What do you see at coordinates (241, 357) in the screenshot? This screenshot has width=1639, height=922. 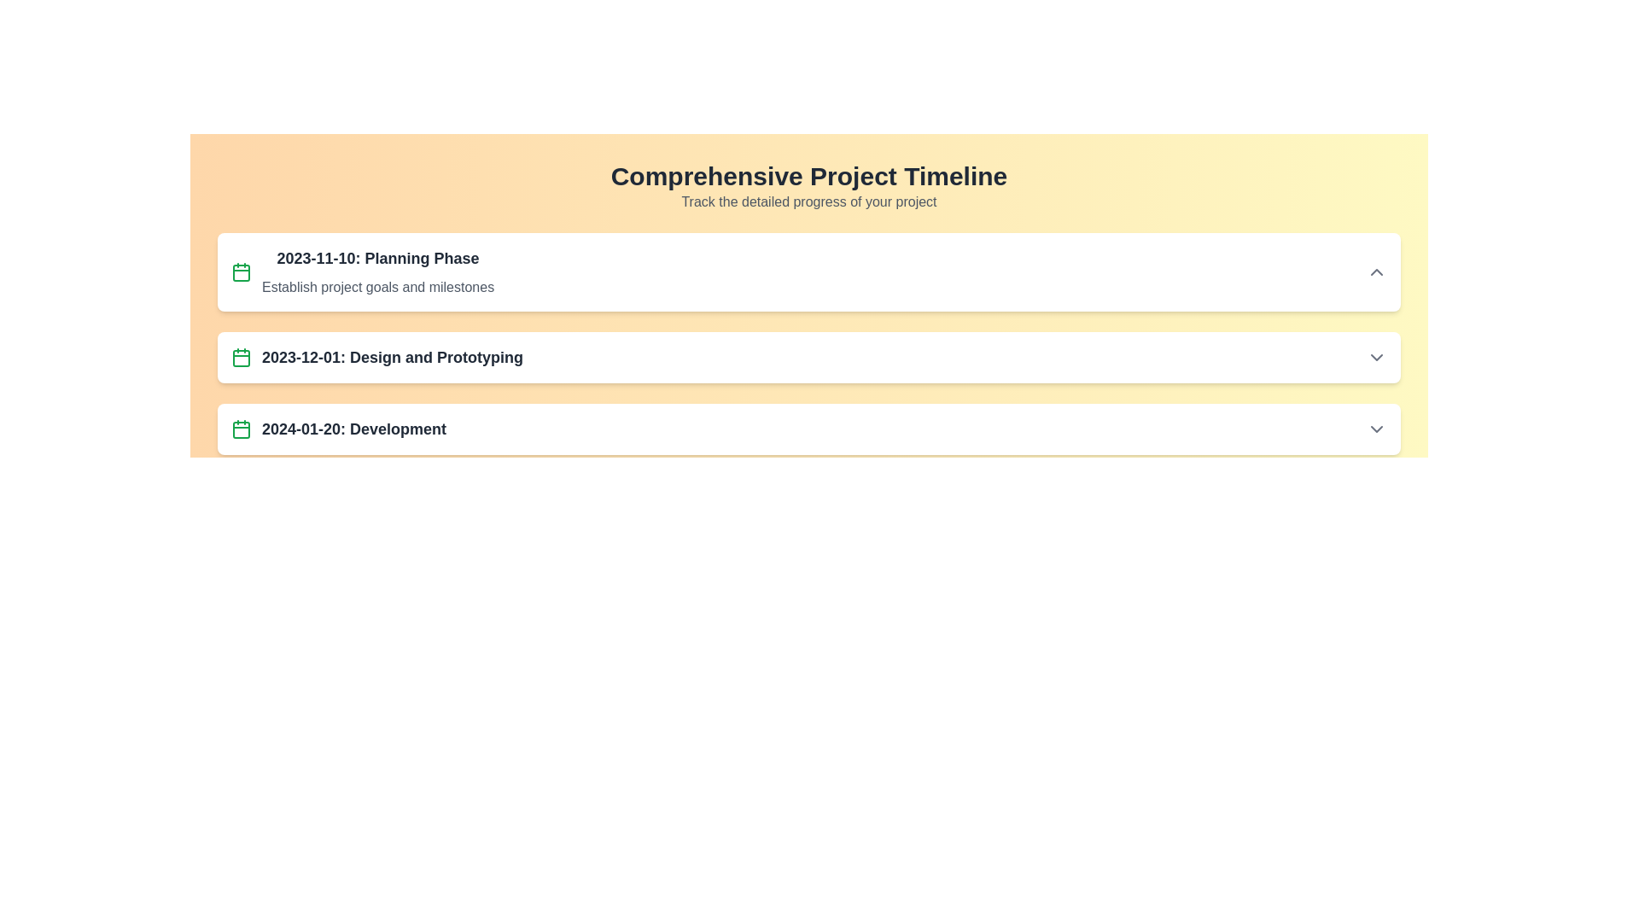 I see `the green calendar icon with rounded corners located to the left of the text '2023-12-01: Design and Prototyping'` at bounding box center [241, 357].